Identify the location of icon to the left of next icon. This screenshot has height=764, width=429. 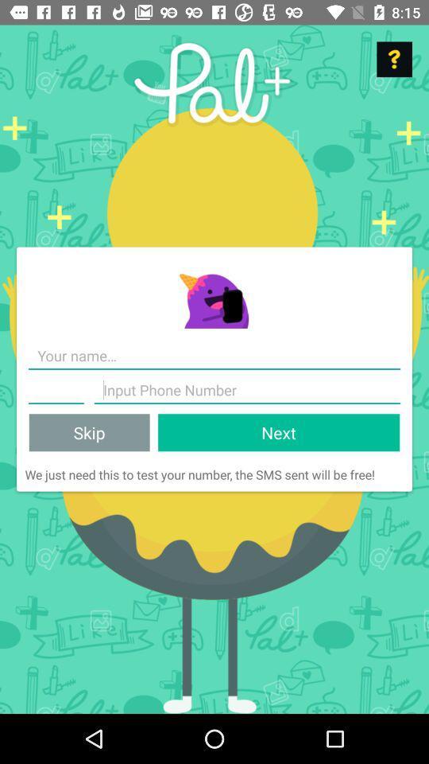
(89, 432).